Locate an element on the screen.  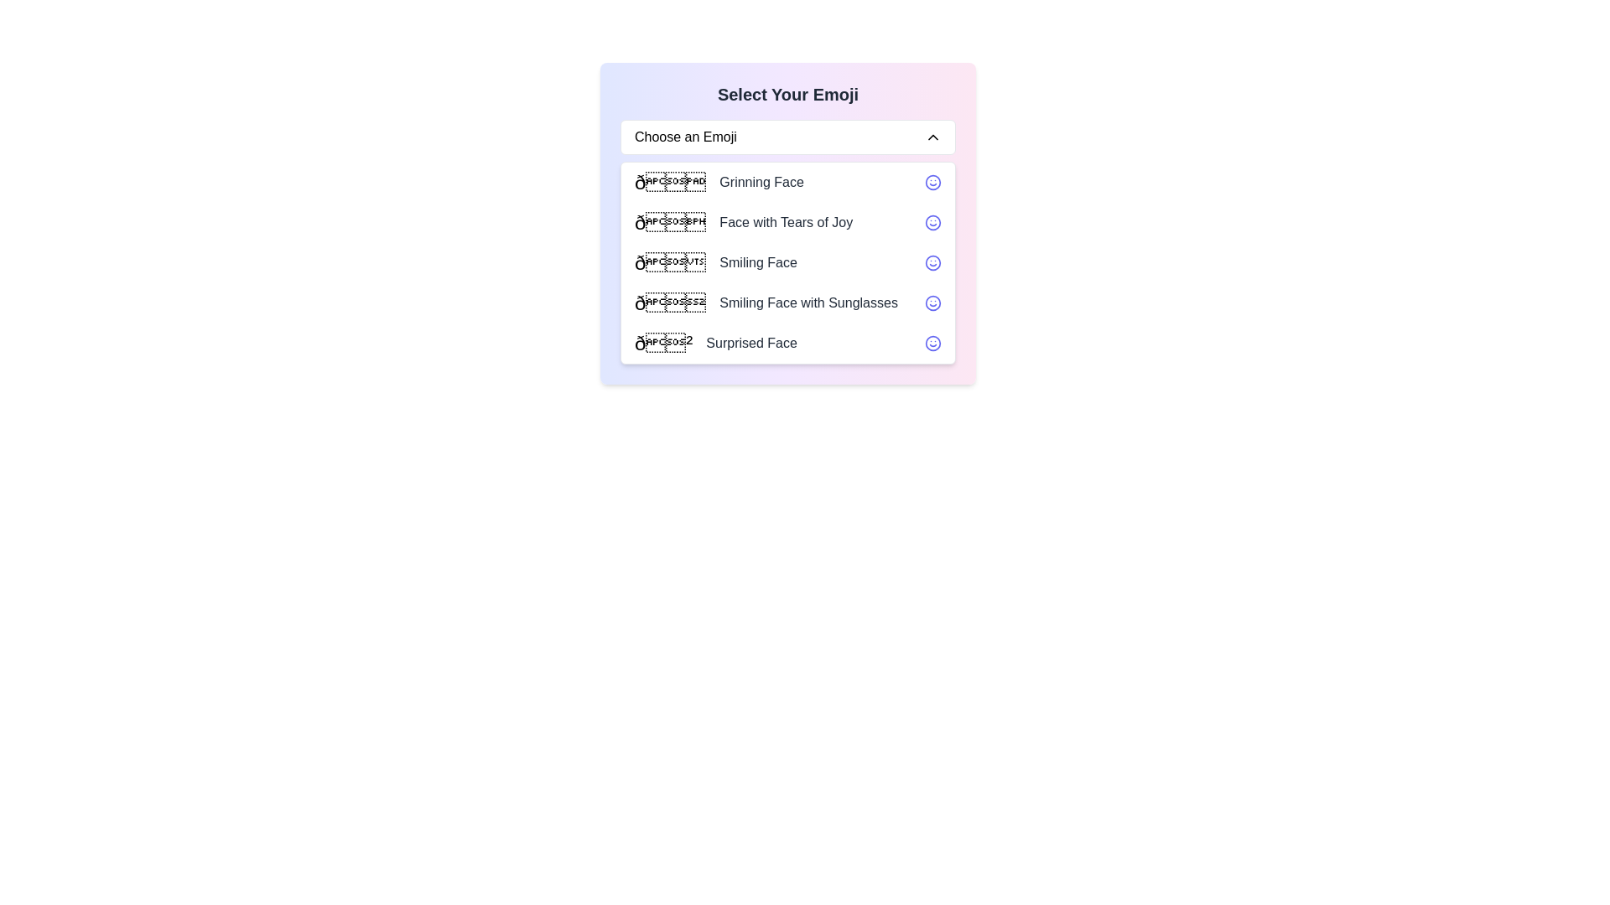
the decorative icon located on the far right side of the 'Face with Tears of Joy' dropdown emoji options is located at coordinates (932, 222).